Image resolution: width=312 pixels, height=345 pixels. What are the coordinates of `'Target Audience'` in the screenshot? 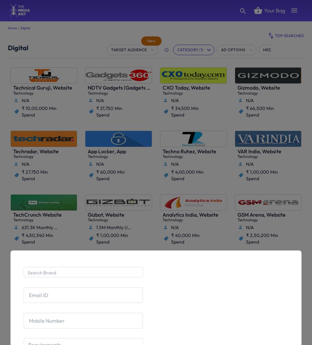 It's located at (128, 49).